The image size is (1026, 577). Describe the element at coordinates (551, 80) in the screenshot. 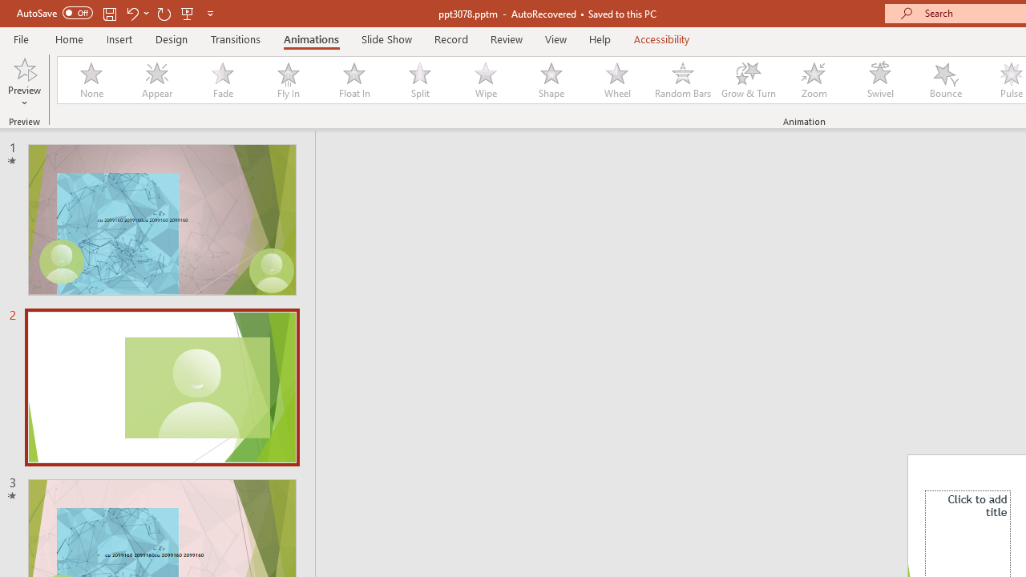

I see `'Shape'` at that location.